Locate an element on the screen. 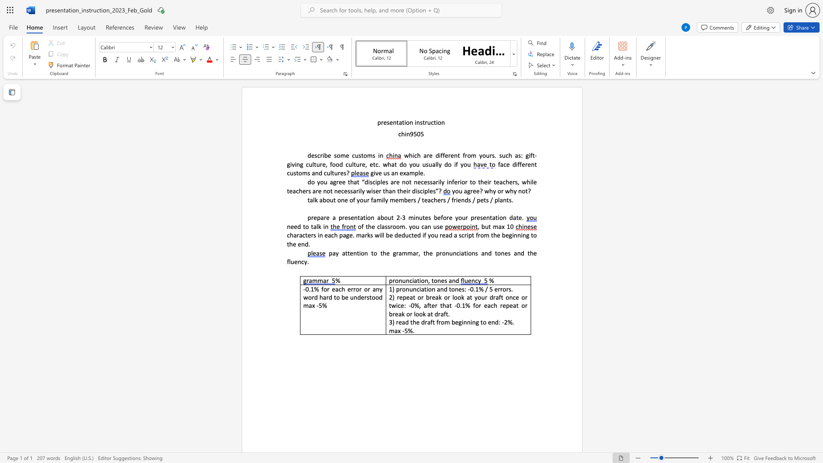 The height and width of the screenshot is (463, 823). the subset text "ion to the grammar," within the text "pay attention to the grammar, the pronunciations and tones and the fluency." is located at coordinates (359, 253).